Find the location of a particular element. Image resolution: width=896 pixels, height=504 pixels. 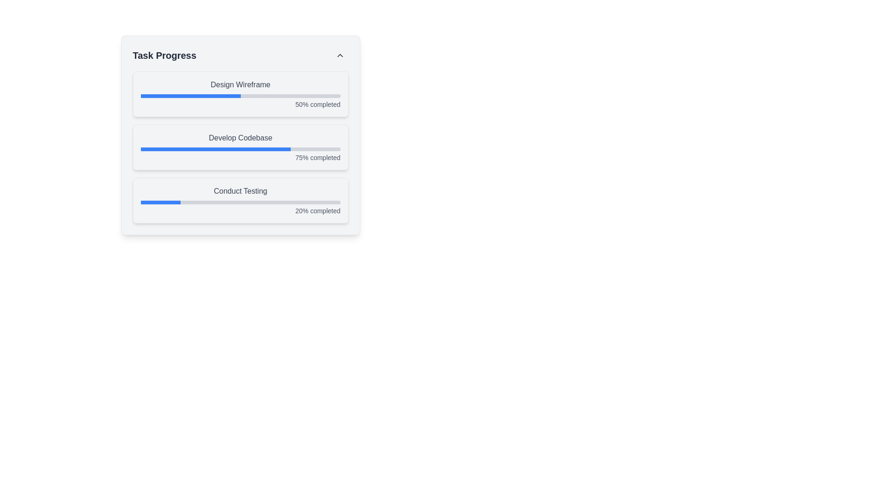

the progress card indicating the completion of a task, which has a white background, a gray progress bar with a blue segment, and is the third card in a vertical stack of similar cards is located at coordinates (240, 200).